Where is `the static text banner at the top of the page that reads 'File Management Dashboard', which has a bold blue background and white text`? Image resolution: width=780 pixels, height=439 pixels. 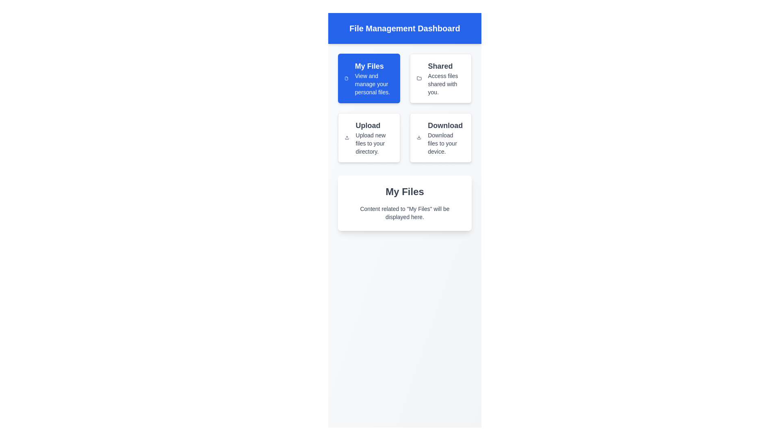
the static text banner at the top of the page that reads 'File Management Dashboard', which has a bold blue background and white text is located at coordinates (405, 28).